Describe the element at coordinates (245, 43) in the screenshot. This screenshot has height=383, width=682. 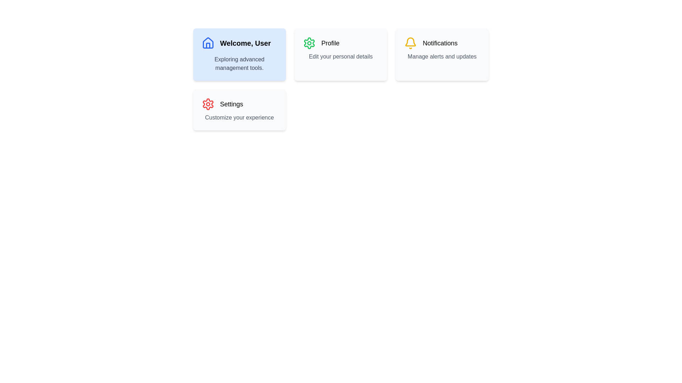
I see `welcoming message text located in the first light blue card in the grid layout, positioned to the right of the house icon` at that location.